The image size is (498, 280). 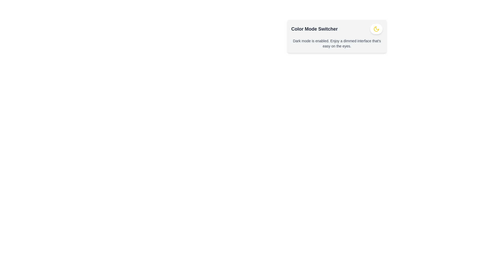 What do you see at coordinates (376, 29) in the screenshot?
I see `the yellow crescent moon icon located in the upper-right corner of the 'Color Mode Switcher' panel` at bounding box center [376, 29].